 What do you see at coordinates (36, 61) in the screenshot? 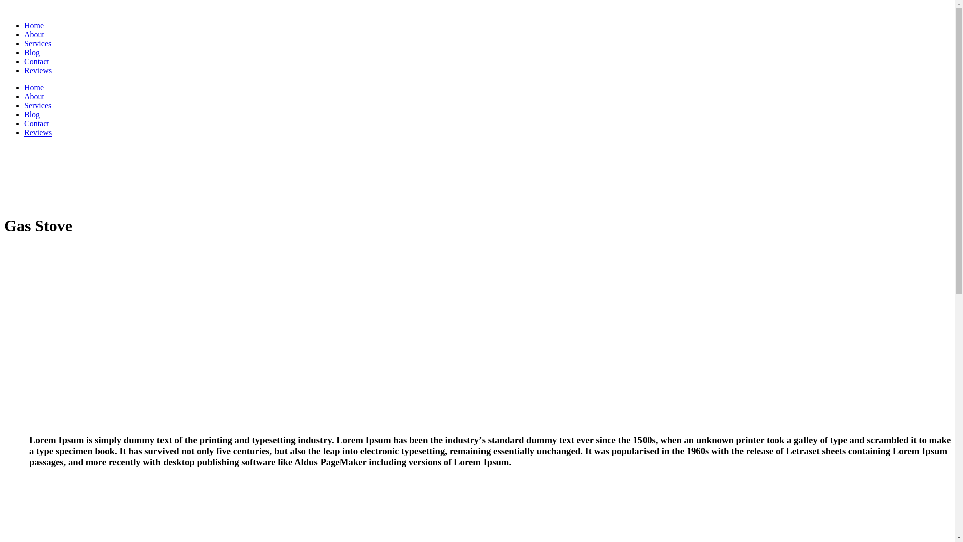
I see `'Contact'` at bounding box center [36, 61].